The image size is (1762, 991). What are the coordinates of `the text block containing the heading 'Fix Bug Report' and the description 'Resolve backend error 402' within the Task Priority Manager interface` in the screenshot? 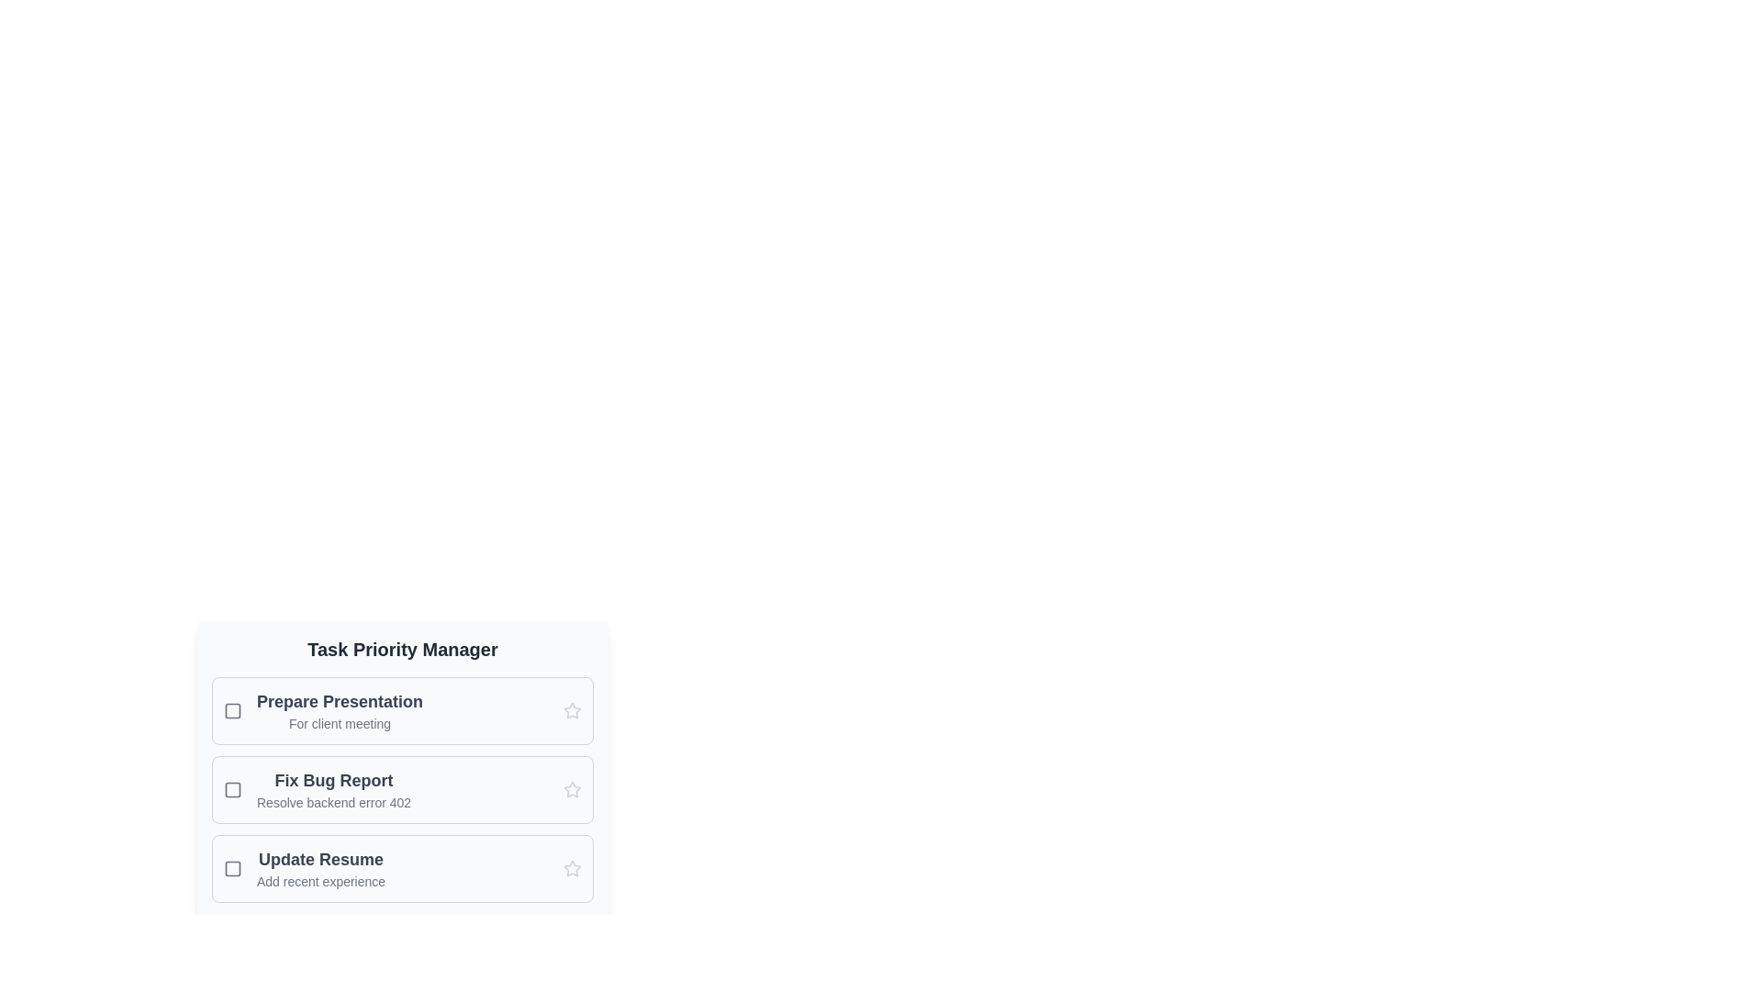 It's located at (334, 788).